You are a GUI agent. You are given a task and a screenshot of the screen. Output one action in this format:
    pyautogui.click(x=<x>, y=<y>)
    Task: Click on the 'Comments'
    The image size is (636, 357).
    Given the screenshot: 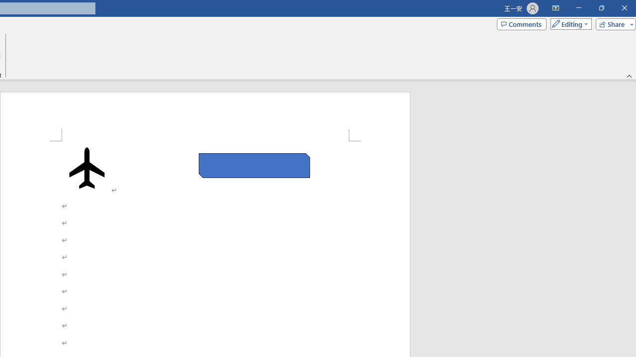 What is the action you would take?
    pyautogui.click(x=521, y=23)
    